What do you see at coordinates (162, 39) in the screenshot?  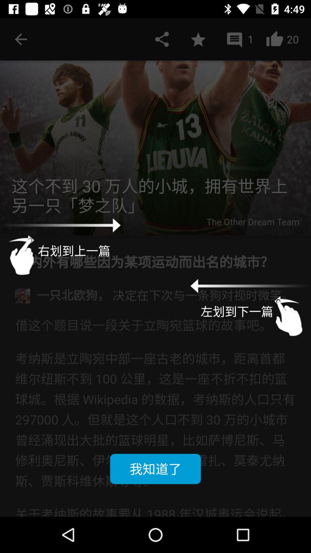 I see `share icon` at bounding box center [162, 39].